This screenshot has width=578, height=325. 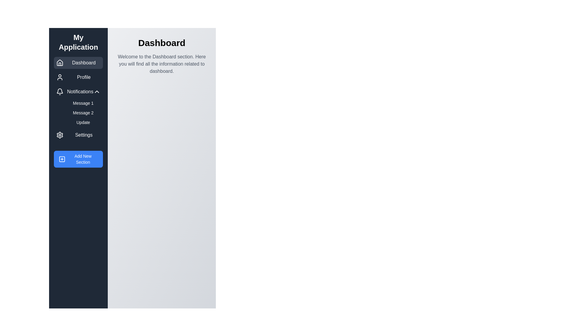 What do you see at coordinates (78, 42) in the screenshot?
I see `the static text display labeled 'My Application', which is positioned in the upper left sidebar above the navigation links` at bounding box center [78, 42].